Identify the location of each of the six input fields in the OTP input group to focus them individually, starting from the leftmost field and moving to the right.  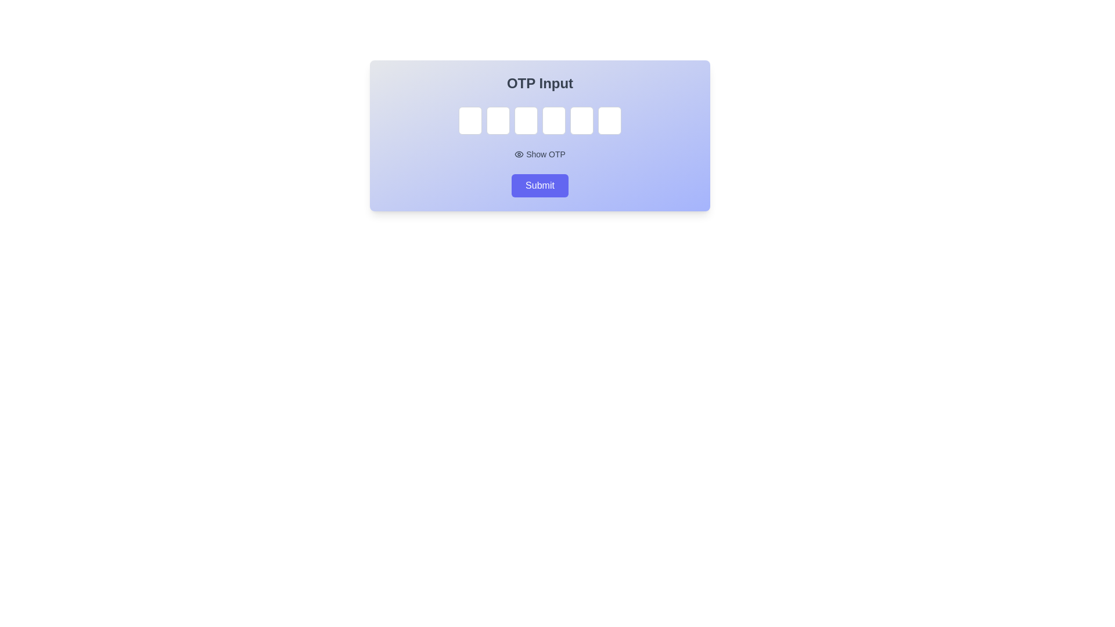
(539, 121).